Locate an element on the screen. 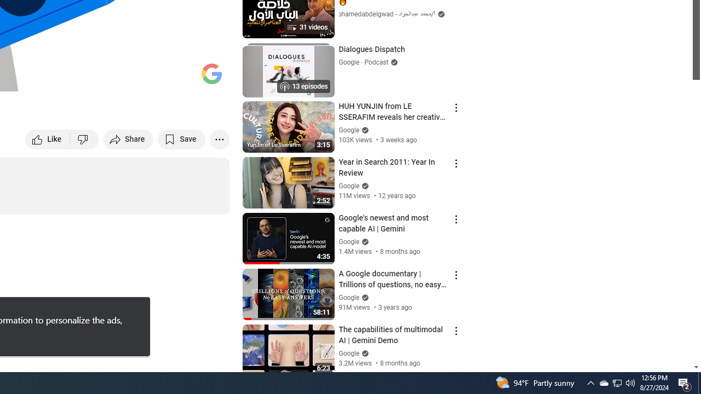 This screenshot has height=394, width=701. 'Action menu' is located at coordinates (456, 331).